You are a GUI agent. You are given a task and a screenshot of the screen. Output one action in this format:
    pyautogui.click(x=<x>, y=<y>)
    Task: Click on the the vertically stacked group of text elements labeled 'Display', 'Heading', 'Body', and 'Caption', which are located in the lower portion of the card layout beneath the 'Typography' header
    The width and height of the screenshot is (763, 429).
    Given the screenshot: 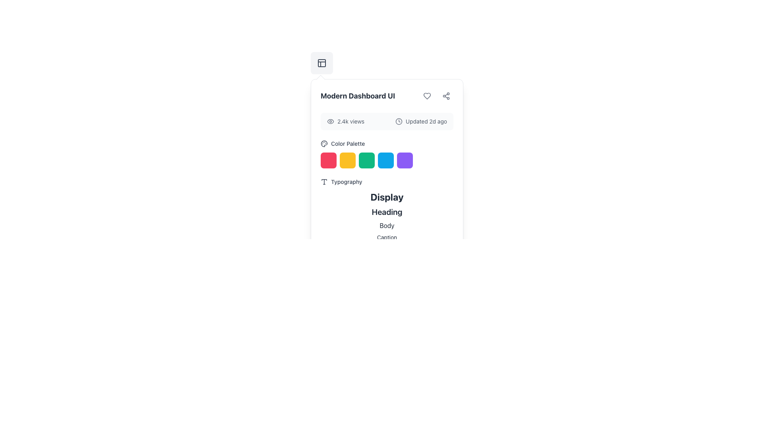 What is the action you would take?
    pyautogui.click(x=387, y=216)
    